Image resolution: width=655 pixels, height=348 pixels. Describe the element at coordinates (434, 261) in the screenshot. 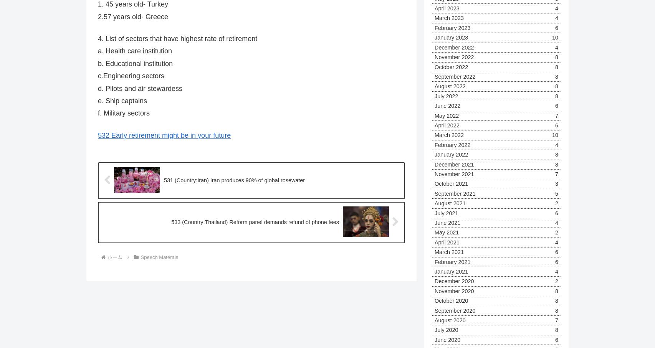

I see `'February 2021'` at that location.